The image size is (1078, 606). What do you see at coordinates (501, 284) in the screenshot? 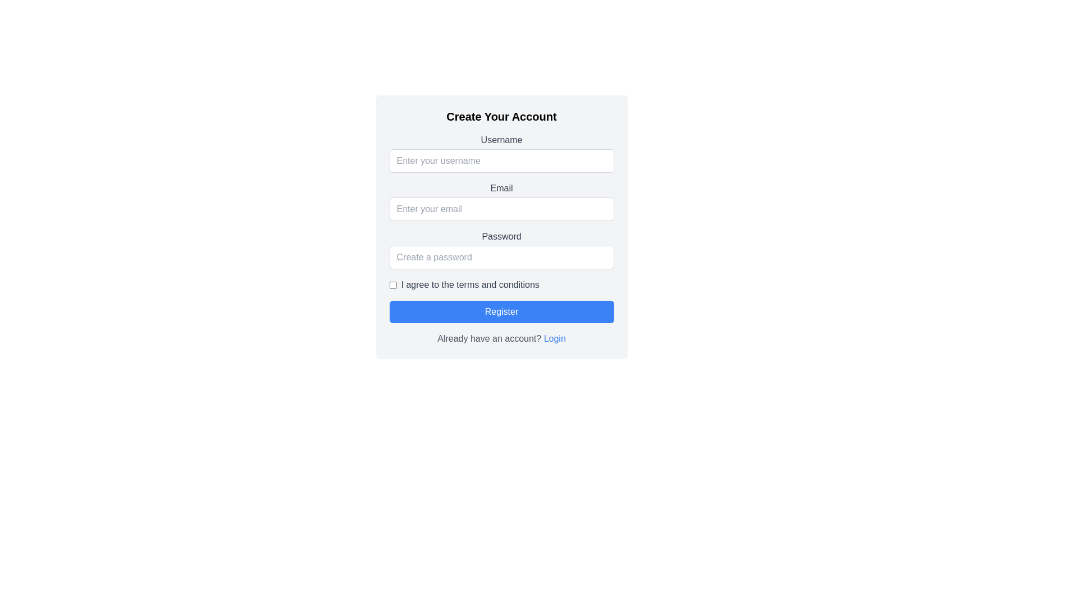
I see `the label 'I agree to the terms and conditions' to check the corresponding checkbox located to its left` at bounding box center [501, 284].